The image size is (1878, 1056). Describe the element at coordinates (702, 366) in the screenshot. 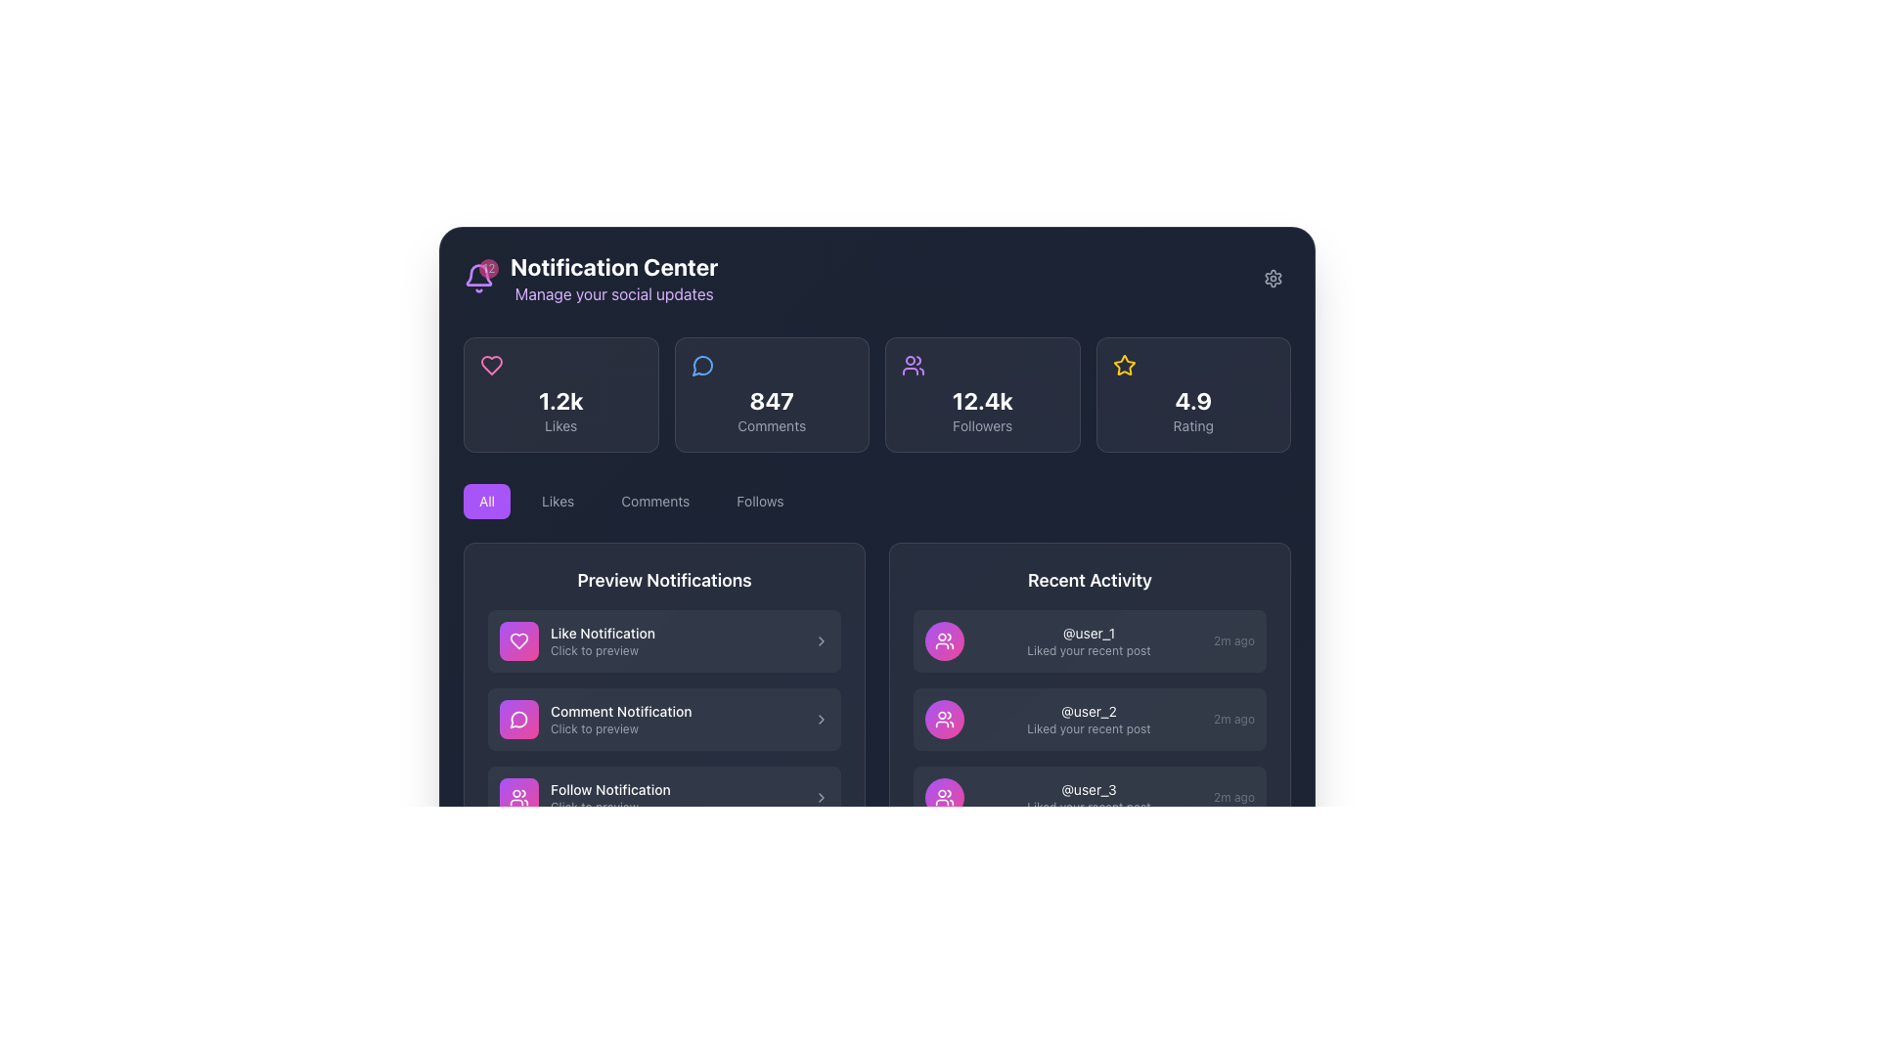

I see `the 'Comments' icon, which is the second icon from the left in the row of statistic widgets below the 'Notification Center' header, indicating the comments category` at that location.